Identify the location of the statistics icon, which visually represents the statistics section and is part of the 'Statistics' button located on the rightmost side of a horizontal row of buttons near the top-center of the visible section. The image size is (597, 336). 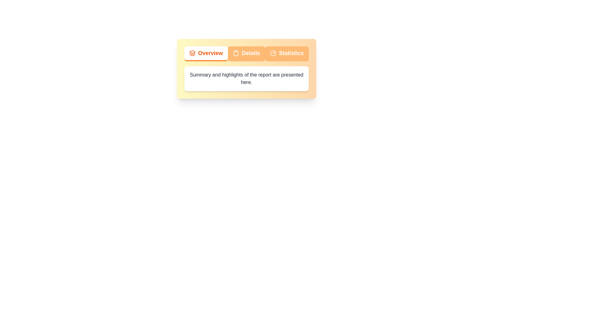
(273, 53).